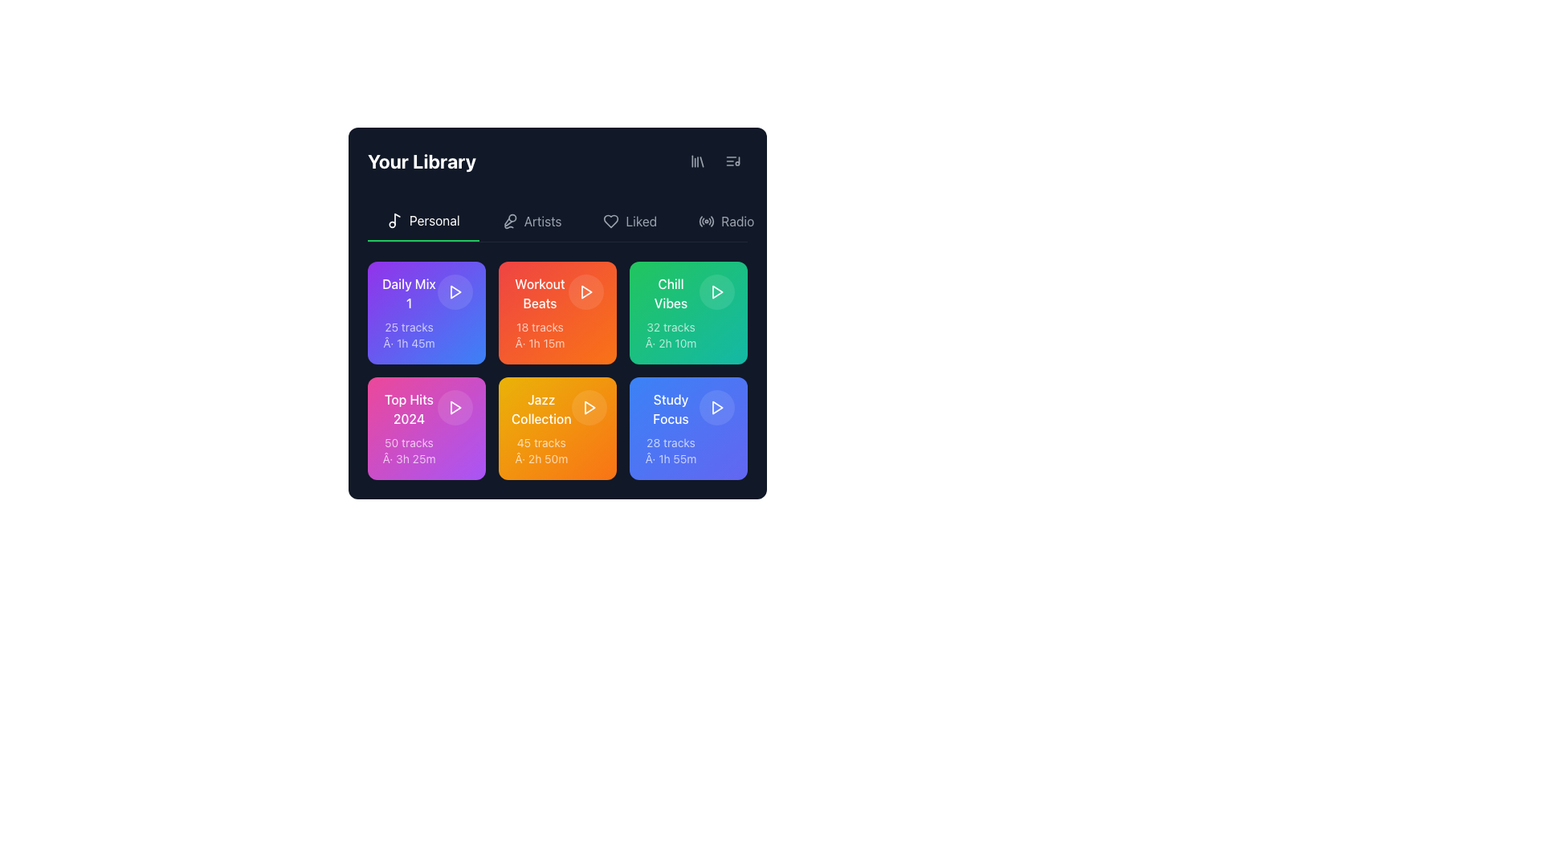 The width and height of the screenshot is (1542, 867). I want to click on the play button located in the top-right quadrant of the green 'Chill Vibes' tile, so click(716, 291).